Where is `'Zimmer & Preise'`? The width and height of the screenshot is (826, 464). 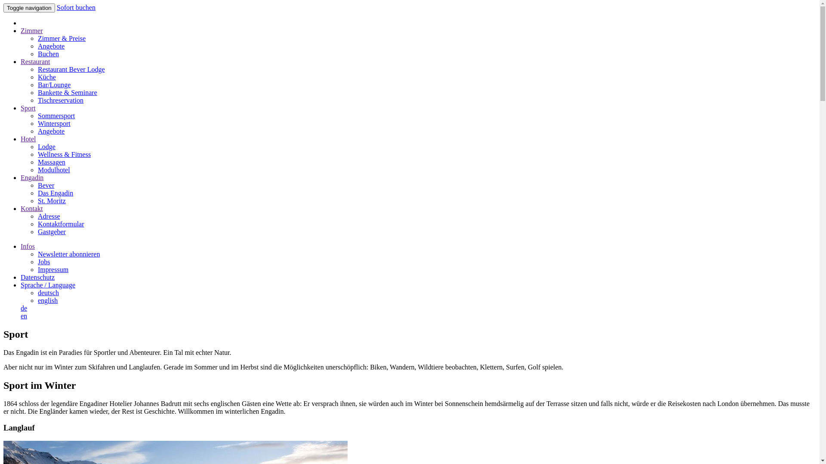 'Zimmer & Preise' is located at coordinates (61, 38).